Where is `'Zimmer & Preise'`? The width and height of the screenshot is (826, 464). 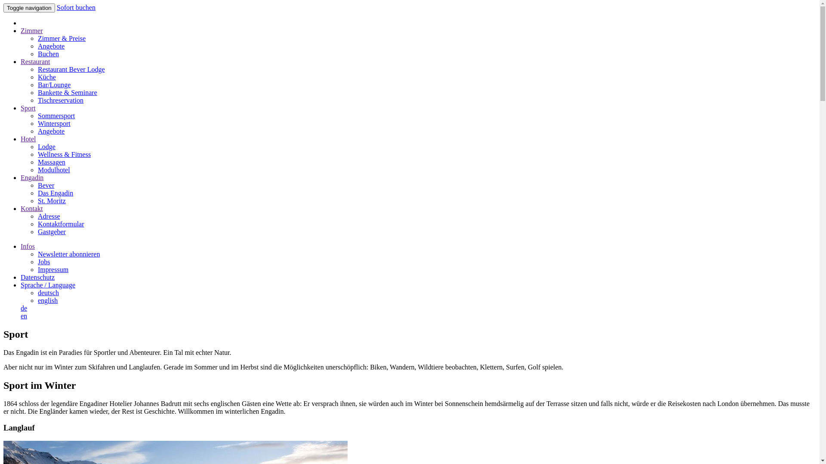 'Zimmer & Preise' is located at coordinates (61, 38).